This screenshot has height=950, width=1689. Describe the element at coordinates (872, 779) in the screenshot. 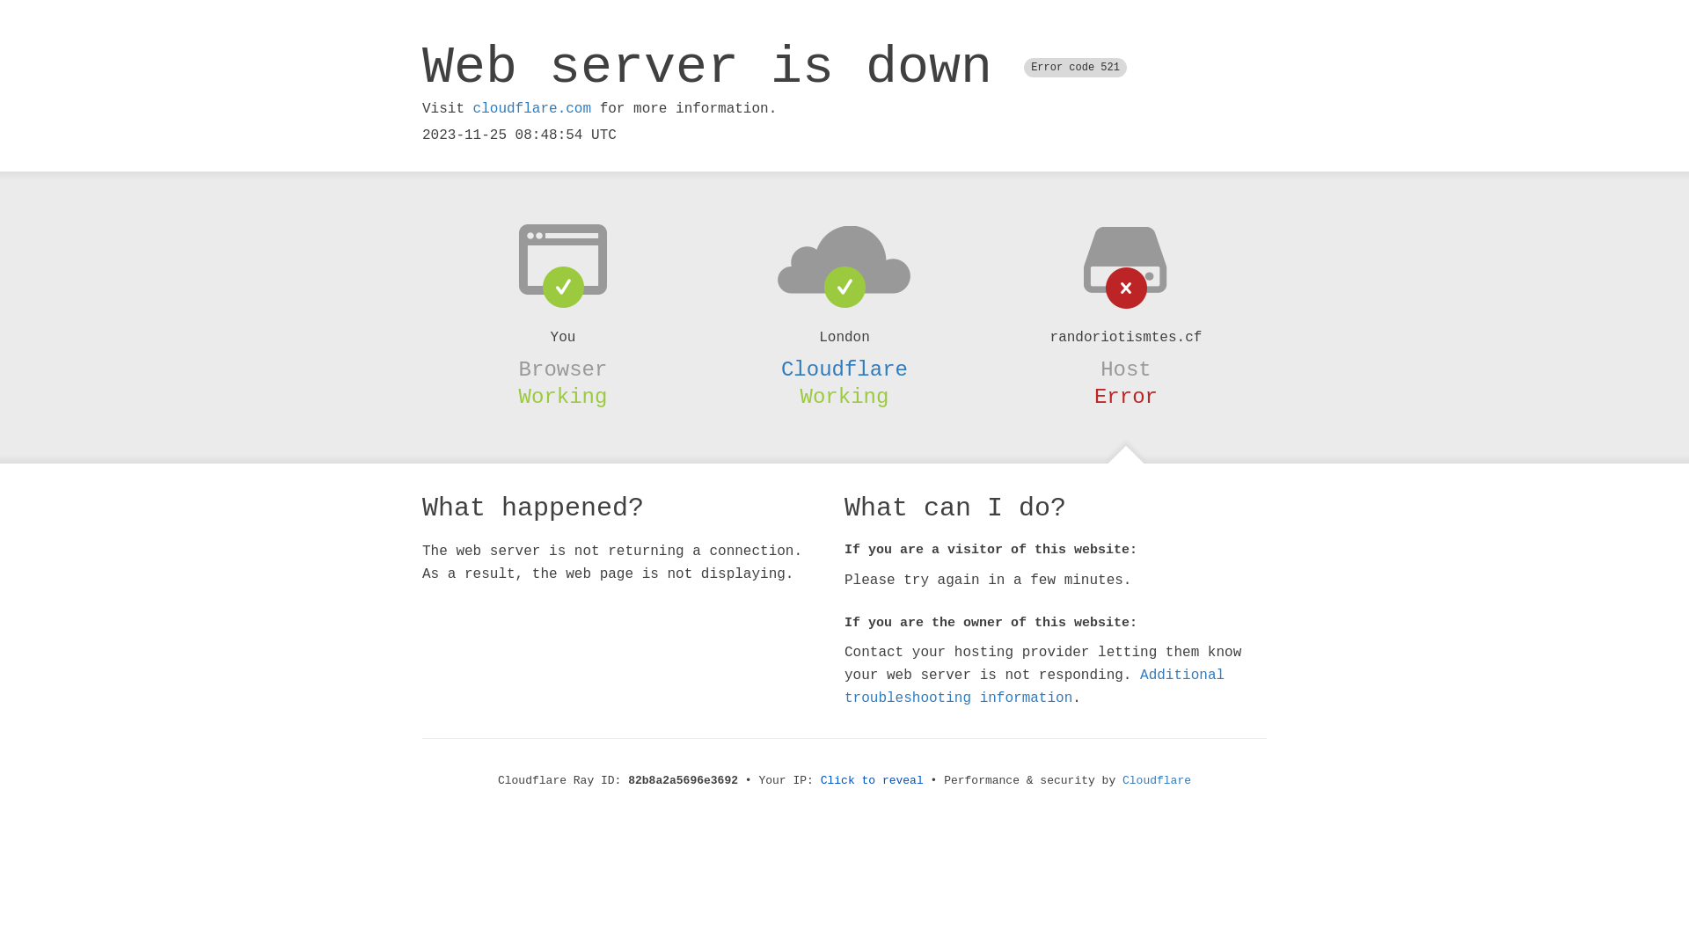

I see `'Click to reveal'` at that location.